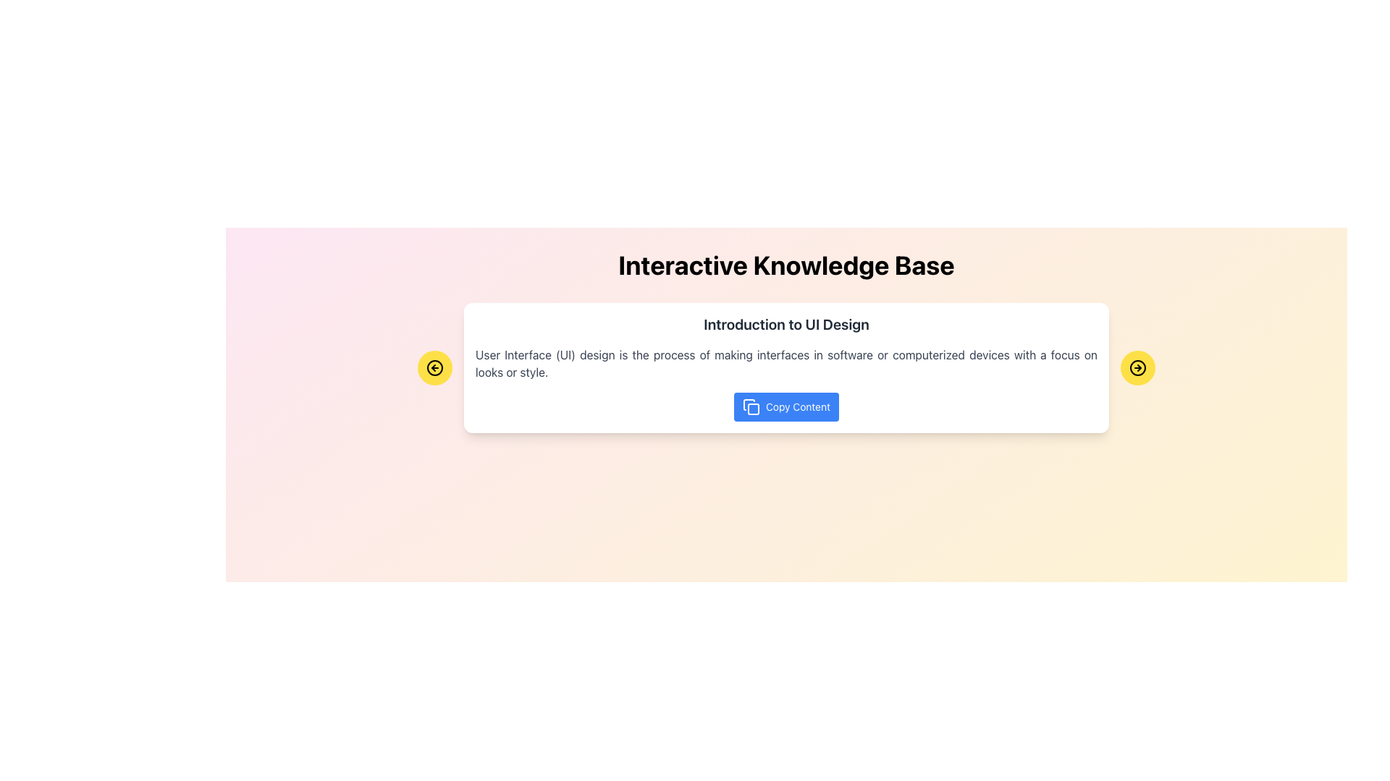 The height and width of the screenshot is (781, 1390). I want to click on the 'Copy Content' button with a blue background and white text, so click(785, 407).